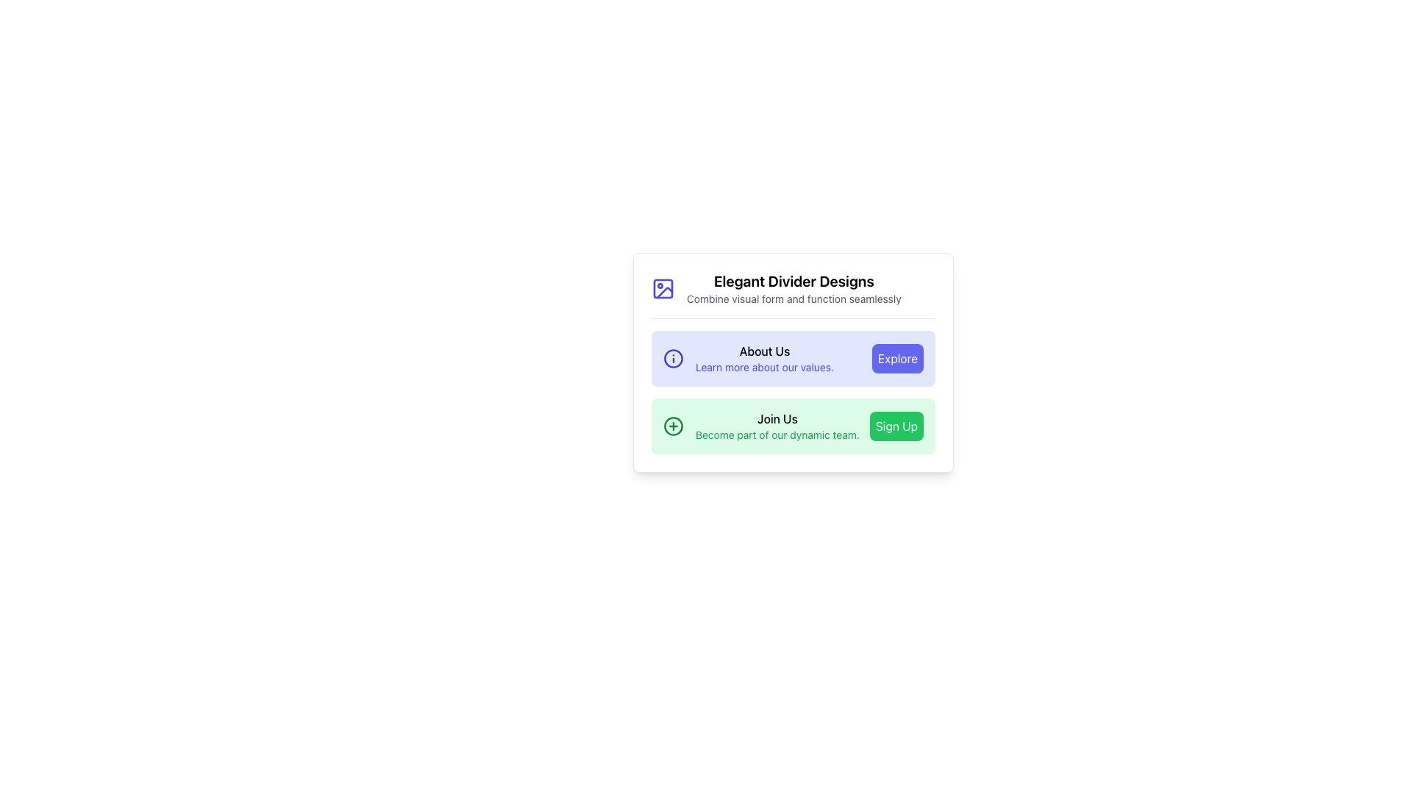 Image resolution: width=1412 pixels, height=794 pixels. What do you see at coordinates (673, 359) in the screenshot?
I see `the SVG Circle element representing the information symbol next to the 'About Us' text` at bounding box center [673, 359].